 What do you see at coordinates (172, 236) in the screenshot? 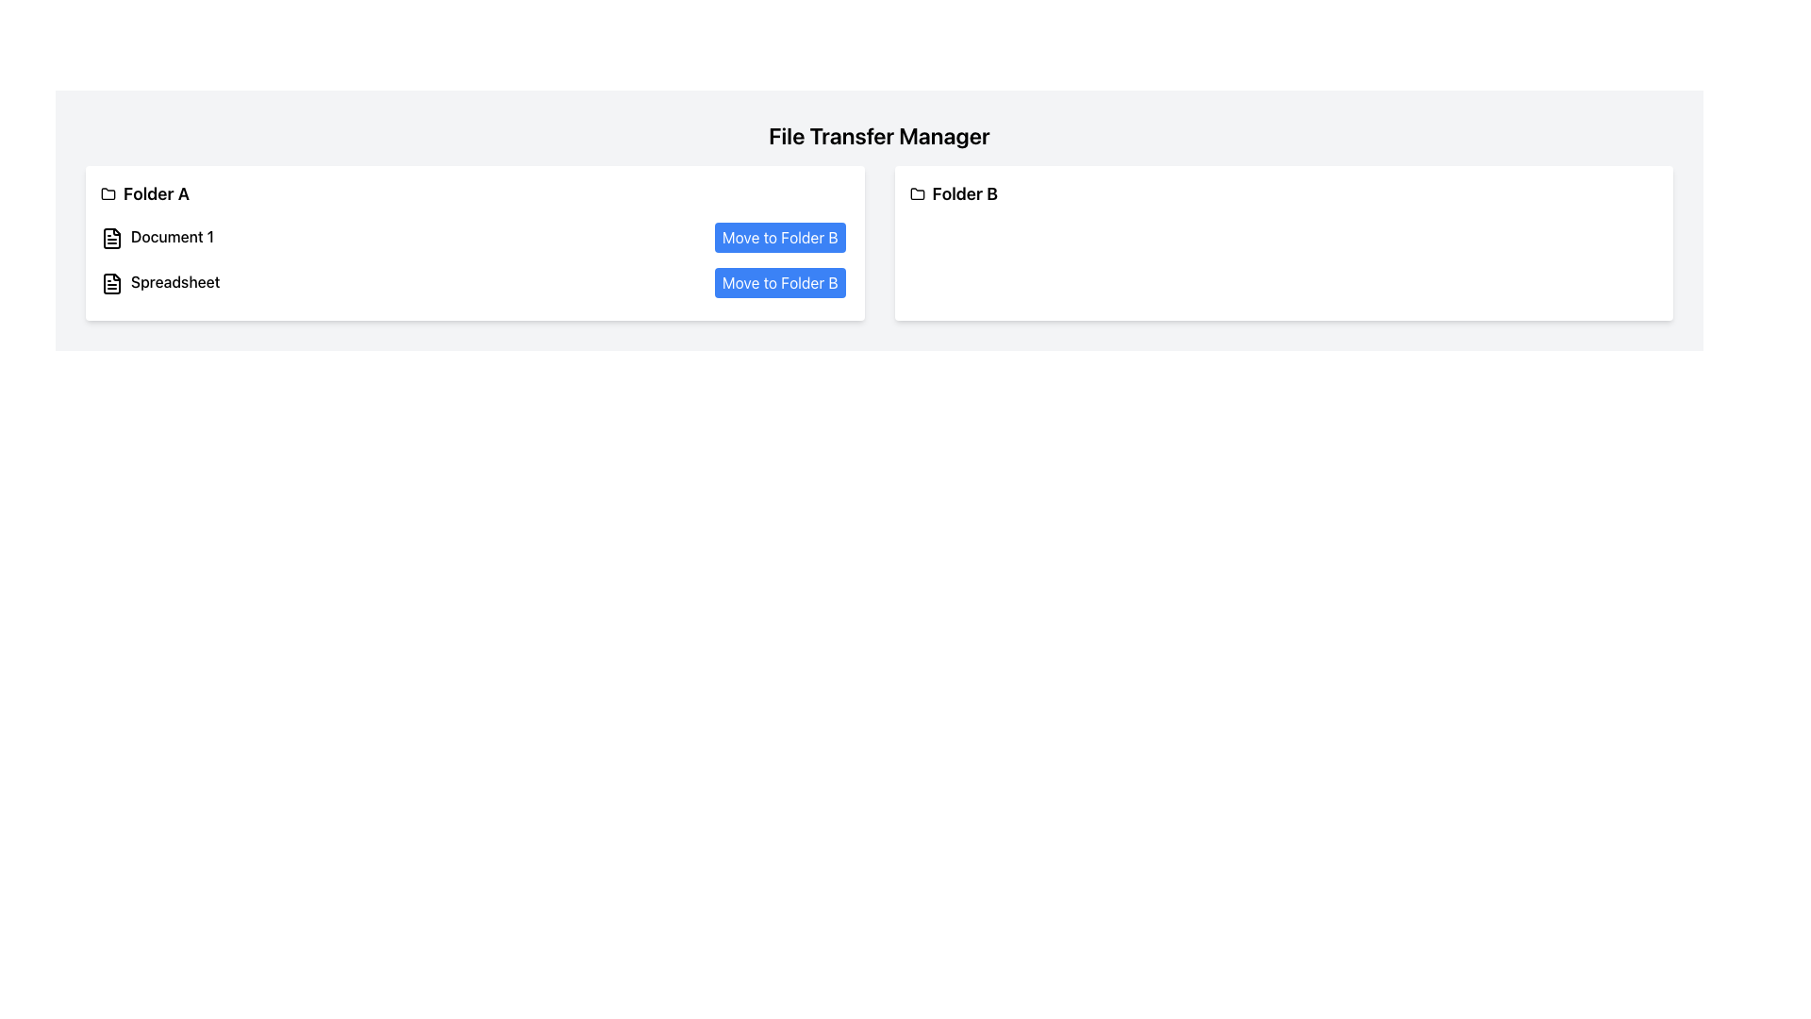
I see `the Text label under 'Folder A'` at bounding box center [172, 236].